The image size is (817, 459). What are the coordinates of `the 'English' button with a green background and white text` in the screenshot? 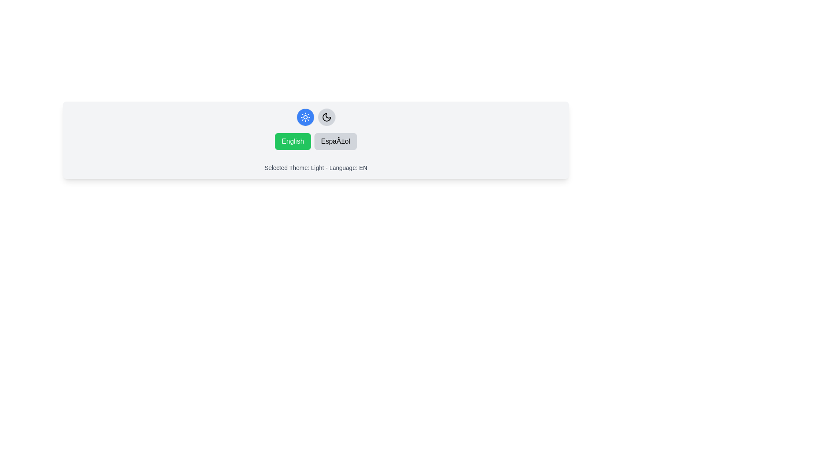 It's located at (293, 141).